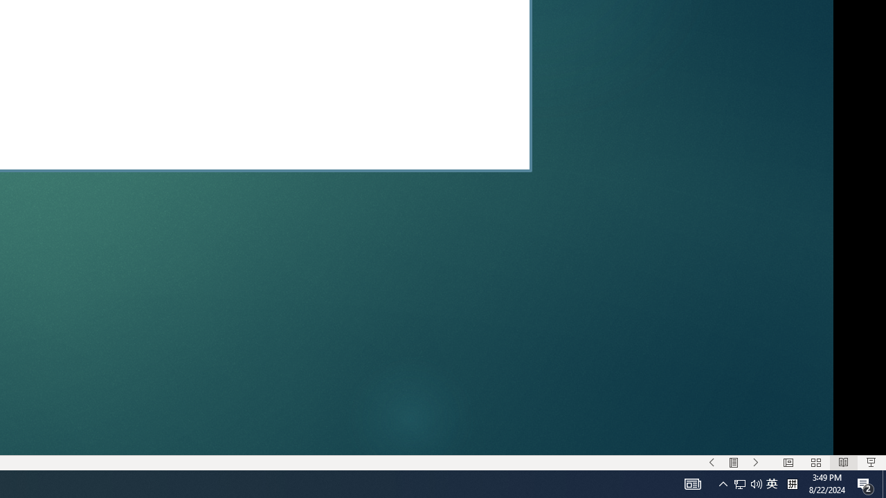 This screenshot has width=886, height=498. I want to click on 'Menu On', so click(733, 463).